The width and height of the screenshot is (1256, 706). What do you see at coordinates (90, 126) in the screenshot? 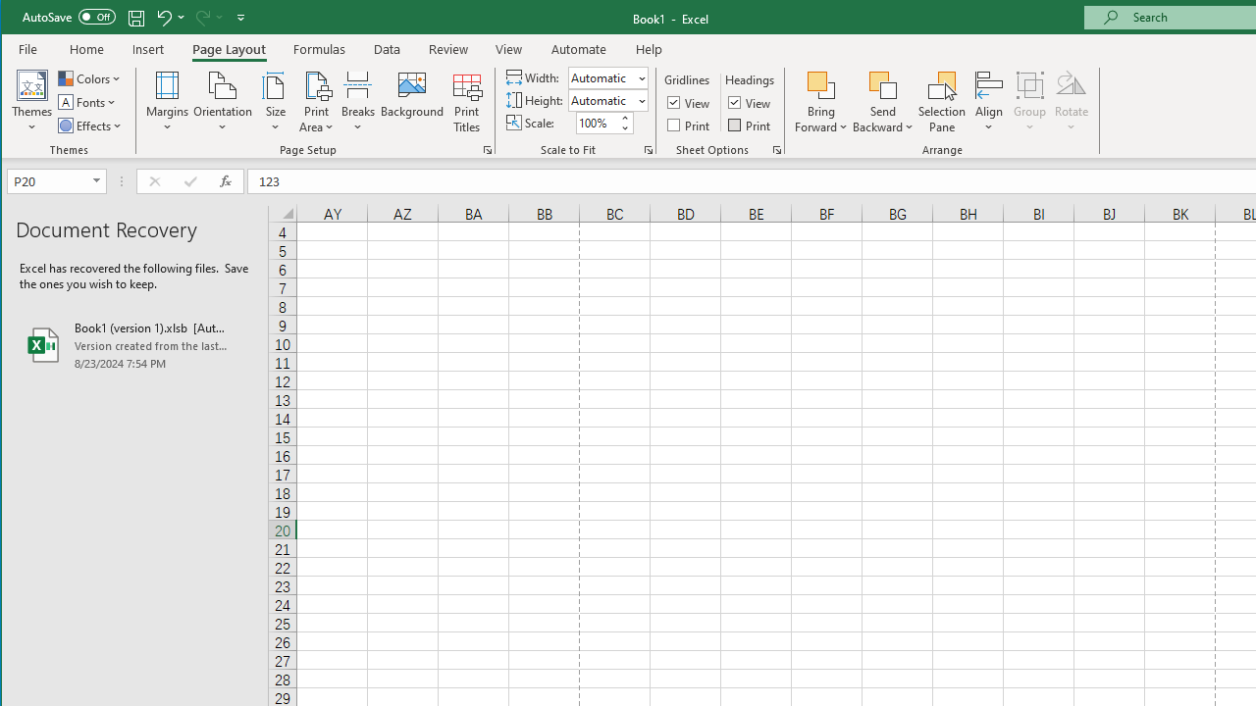
I see `'Effects'` at bounding box center [90, 126].